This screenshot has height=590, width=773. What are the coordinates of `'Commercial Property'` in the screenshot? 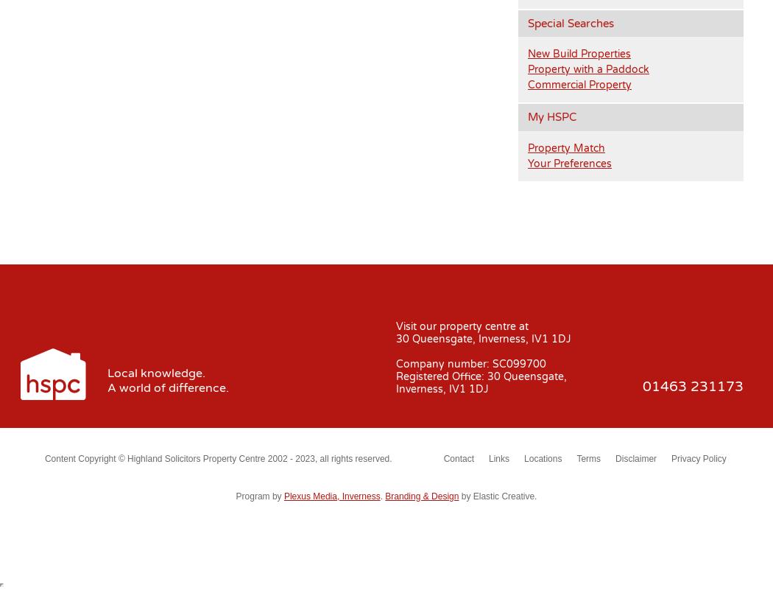 It's located at (527, 84).